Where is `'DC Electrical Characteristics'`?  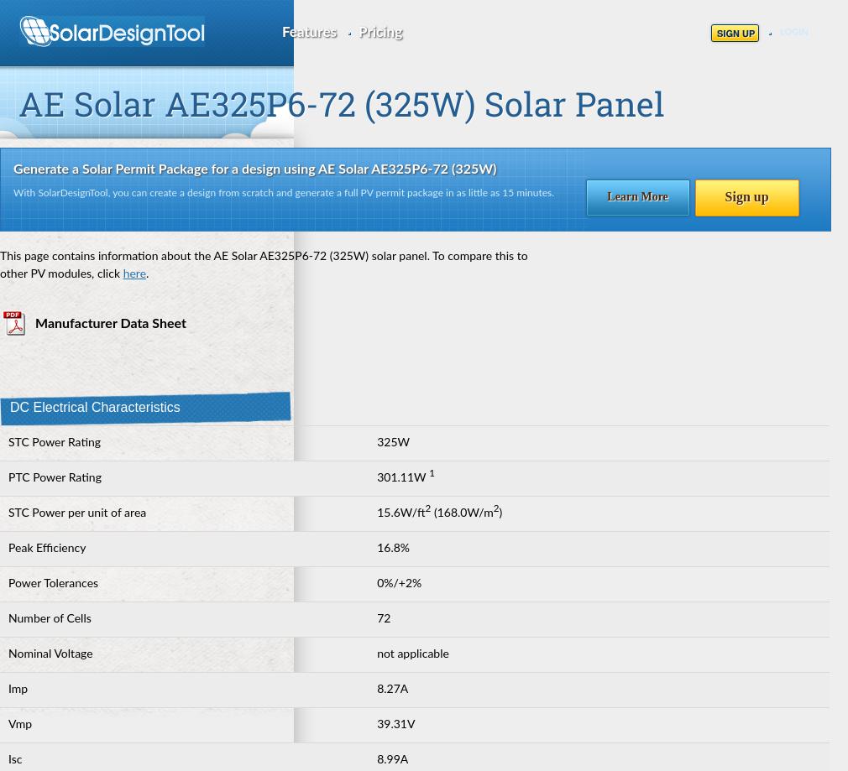
'DC Electrical Characteristics' is located at coordinates (9, 406).